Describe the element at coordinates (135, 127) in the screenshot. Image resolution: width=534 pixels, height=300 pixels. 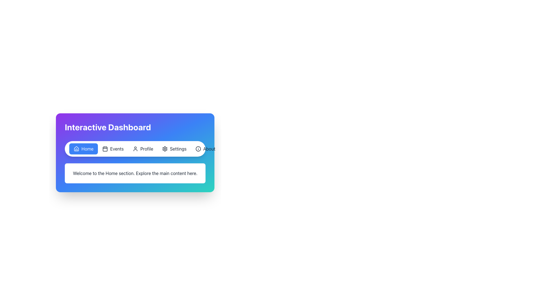
I see `the header text 'Interactive Dashboard', which is positioned at the top section of a gradient-colored card component` at that location.